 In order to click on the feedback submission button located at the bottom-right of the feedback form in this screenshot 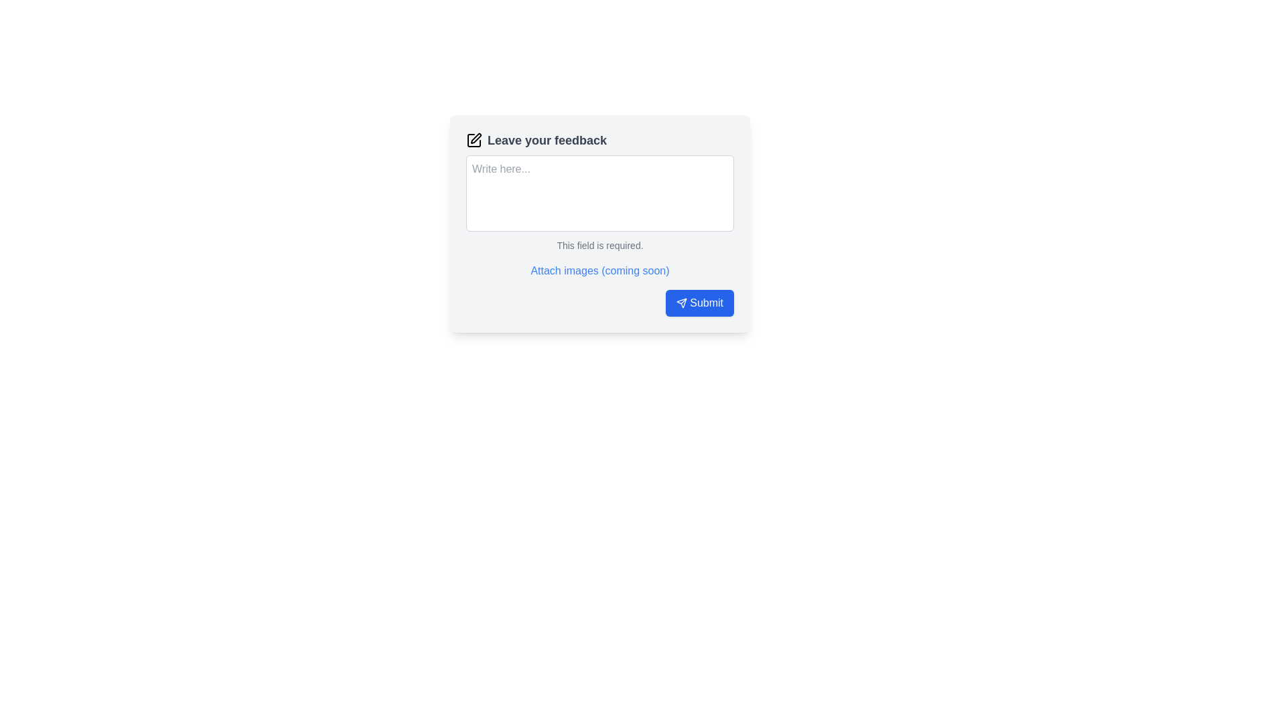, I will do `click(699, 303)`.